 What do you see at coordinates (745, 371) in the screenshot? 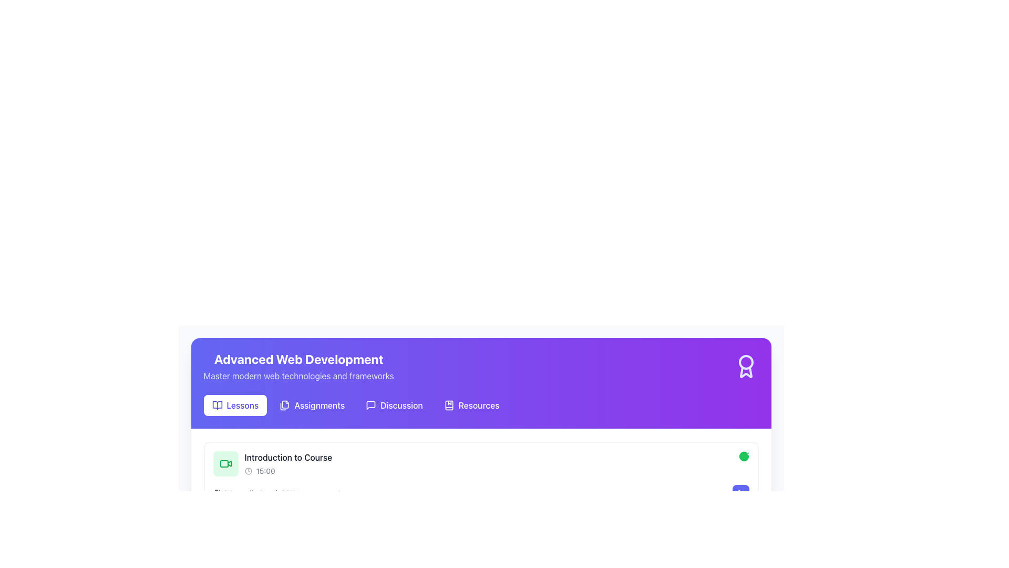
I see `decorative vector graphic component within the purple header section of the SVG illustration, which signifies an achievement or award` at bounding box center [745, 371].